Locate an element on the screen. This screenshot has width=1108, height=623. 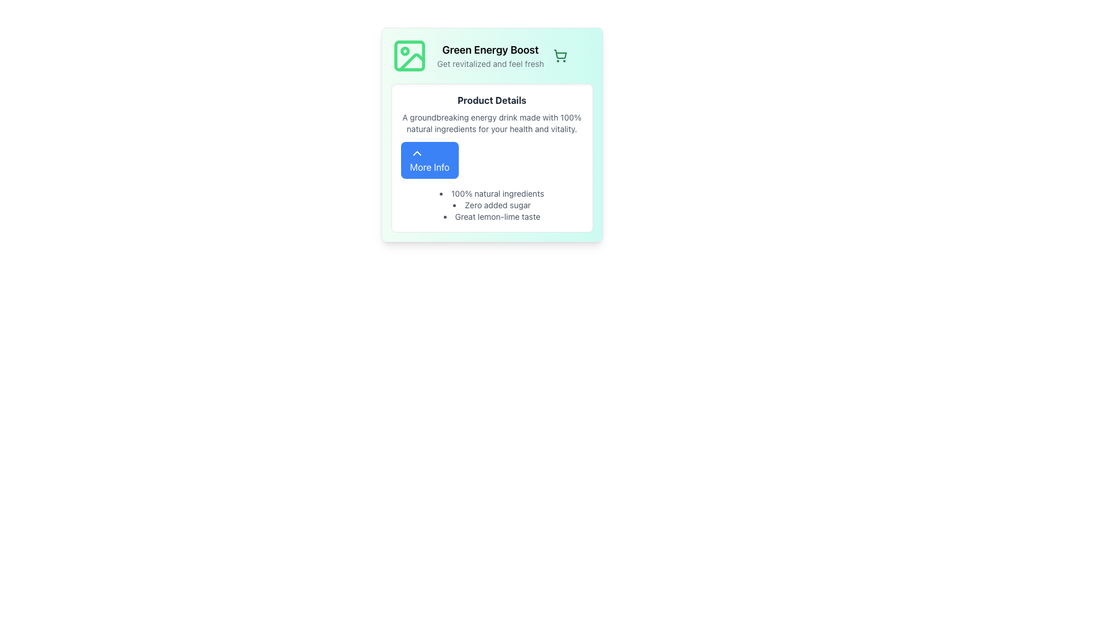
the chevron icon which indicates an expandable section above the 'More Info' button located in the middle of the card on the right side of the interface is located at coordinates (416, 153).